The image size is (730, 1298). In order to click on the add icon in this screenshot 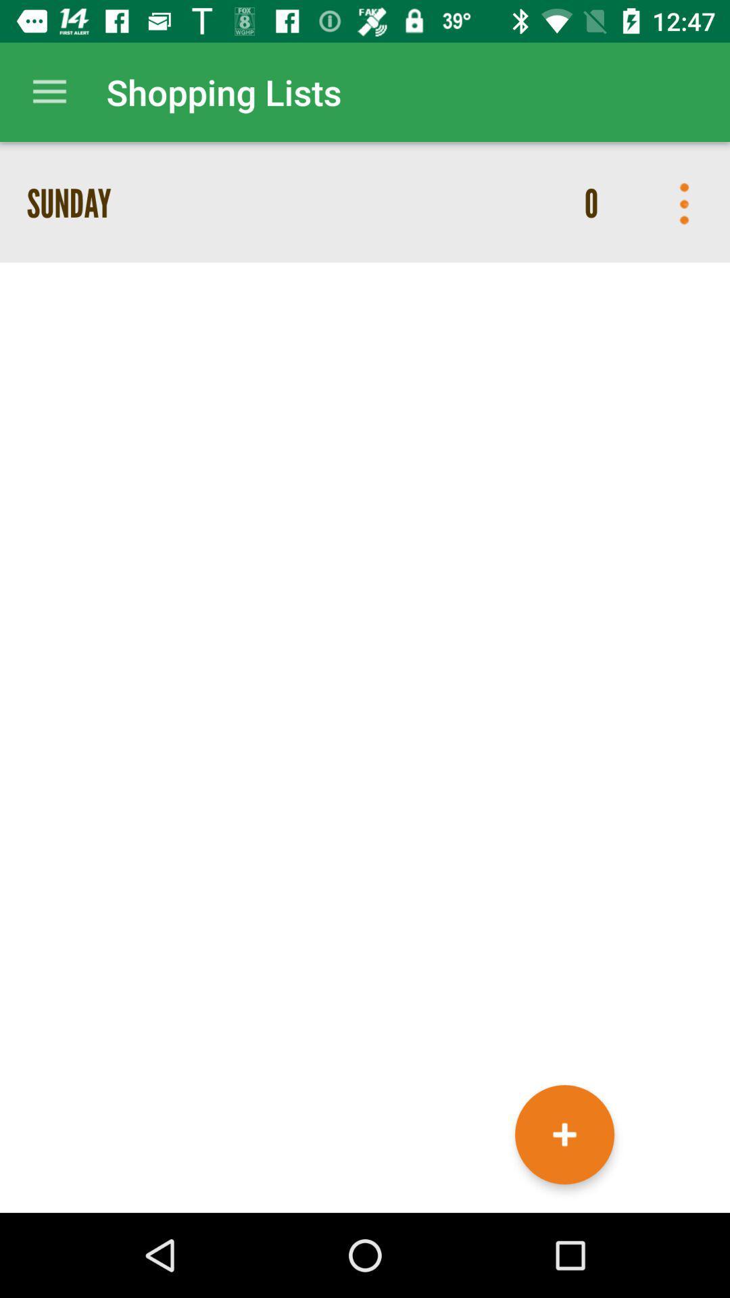, I will do `click(564, 1134)`.